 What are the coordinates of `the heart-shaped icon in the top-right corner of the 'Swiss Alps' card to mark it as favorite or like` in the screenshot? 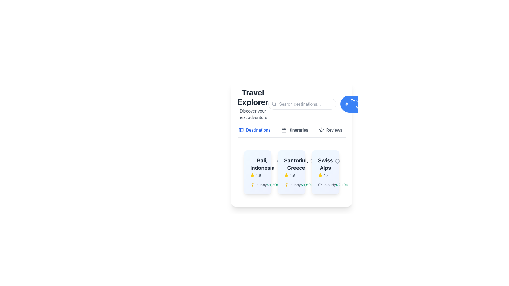 It's located at (337, 161).